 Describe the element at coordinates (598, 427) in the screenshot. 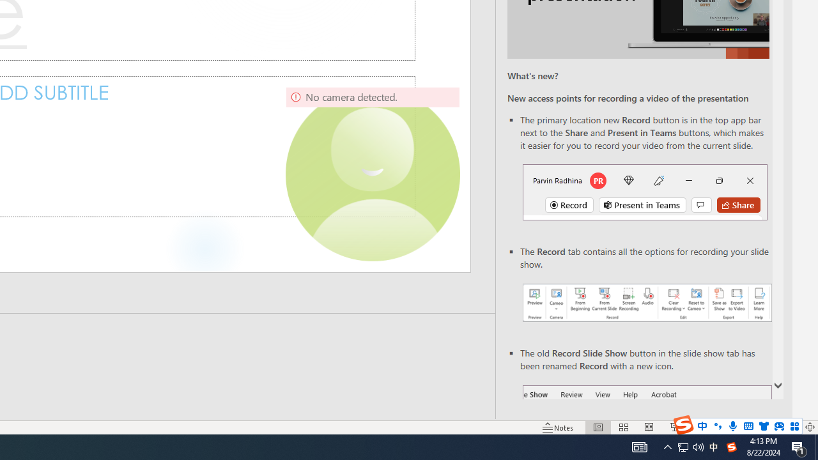

I see `'Normal'` at that location.